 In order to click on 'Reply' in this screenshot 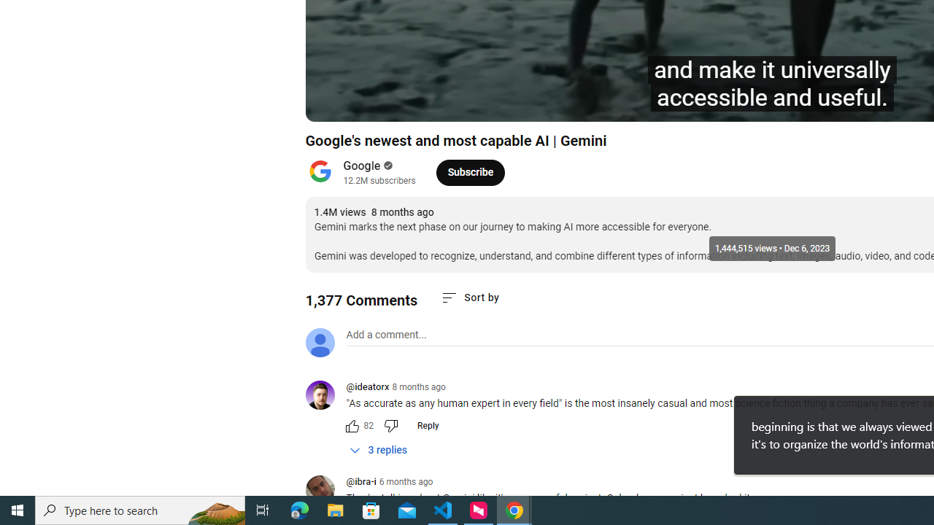, I will do `click(427, 425)`.